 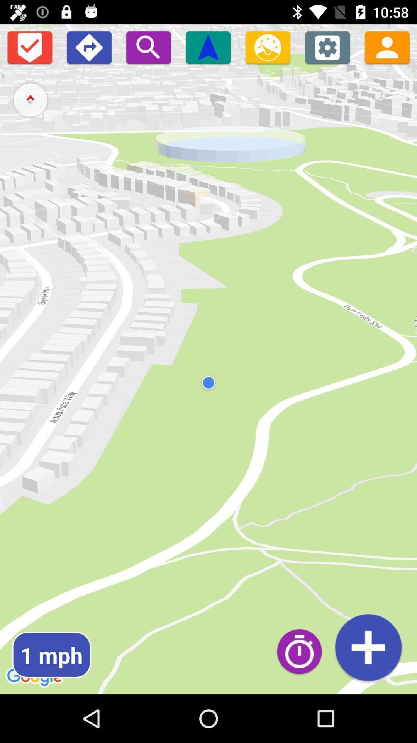 I want to click on the settings icon, so click(x=327, y=47).